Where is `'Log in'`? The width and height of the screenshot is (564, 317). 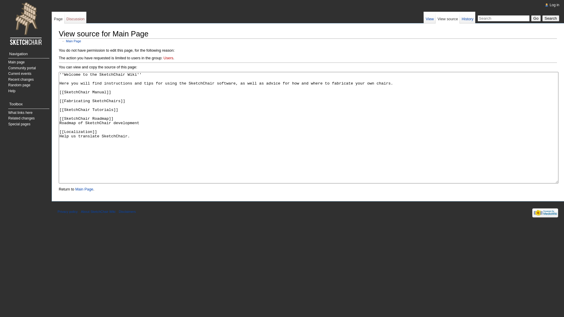 'Log in' is located at coordinates (554, 5).